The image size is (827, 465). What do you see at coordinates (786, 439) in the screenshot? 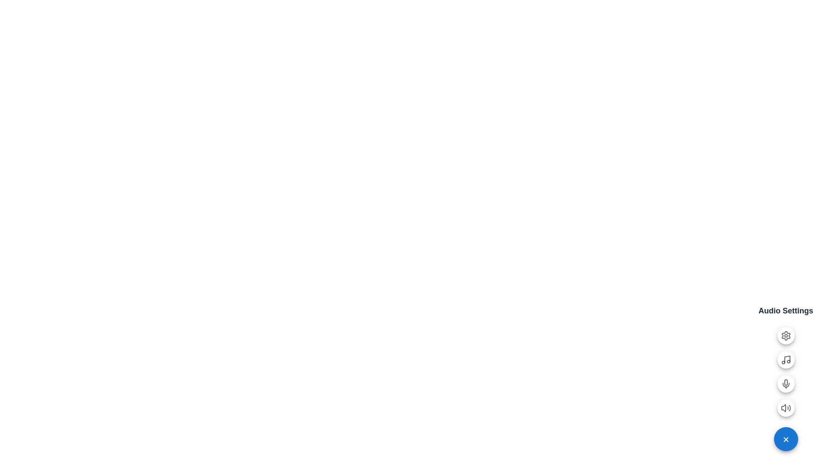
I see `the close icon button located at the bottom-most position in the vertical stack of circular buttons under the 'Audio Settings' section` at bounding box center [786, 439].